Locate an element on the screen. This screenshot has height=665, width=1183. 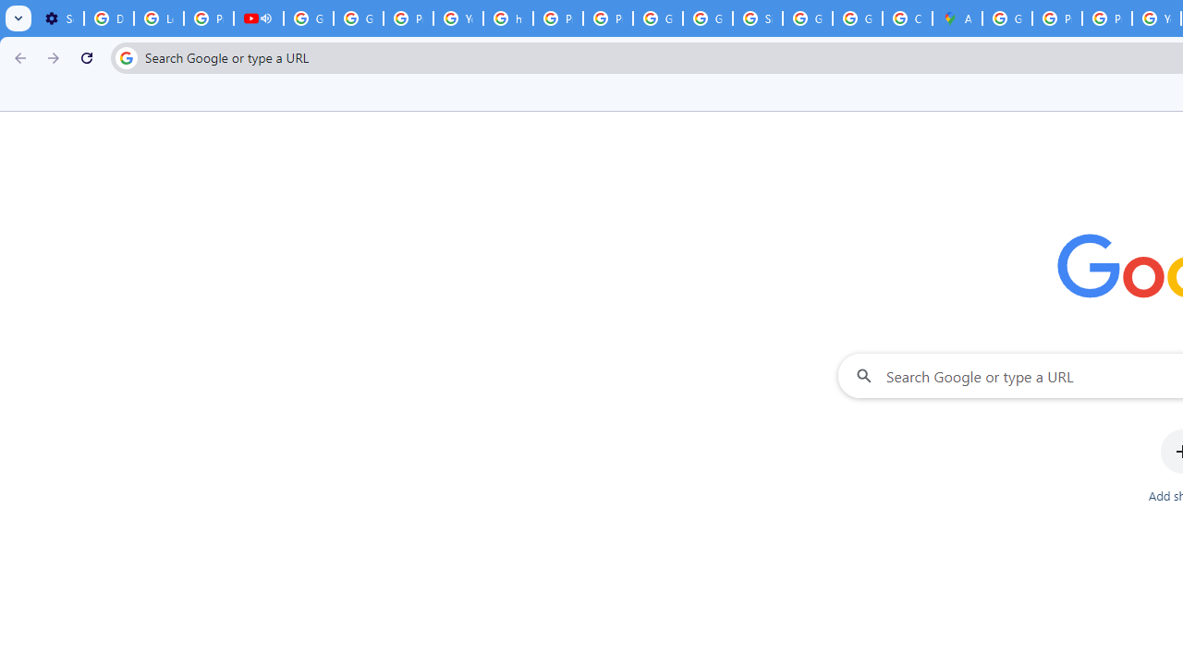
'https://scholar.google.com/' is located at coordinates (508, 18).